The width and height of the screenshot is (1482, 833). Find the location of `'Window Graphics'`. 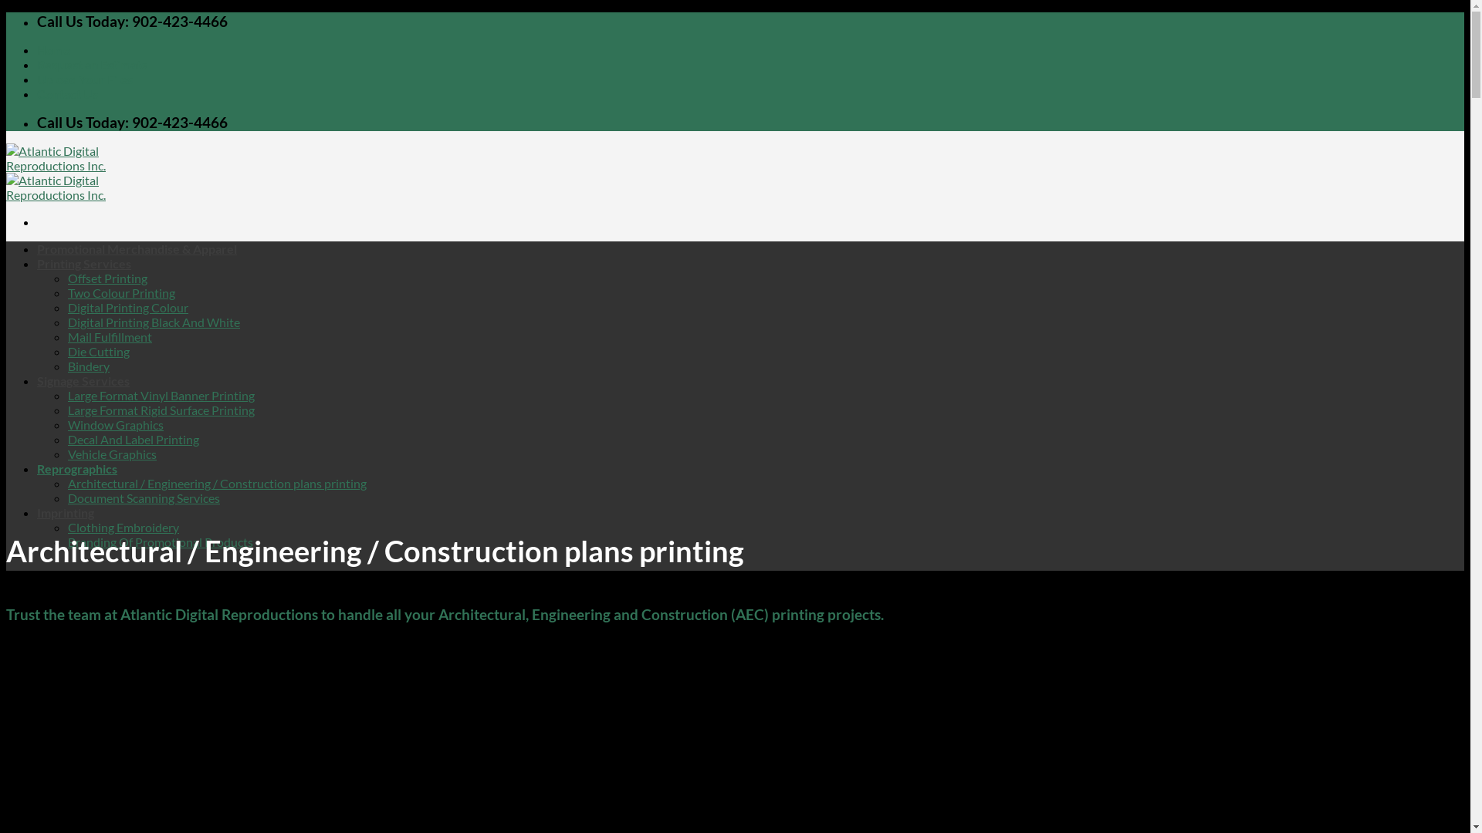

'Window Graphics' is located at coordinates (114, 424).